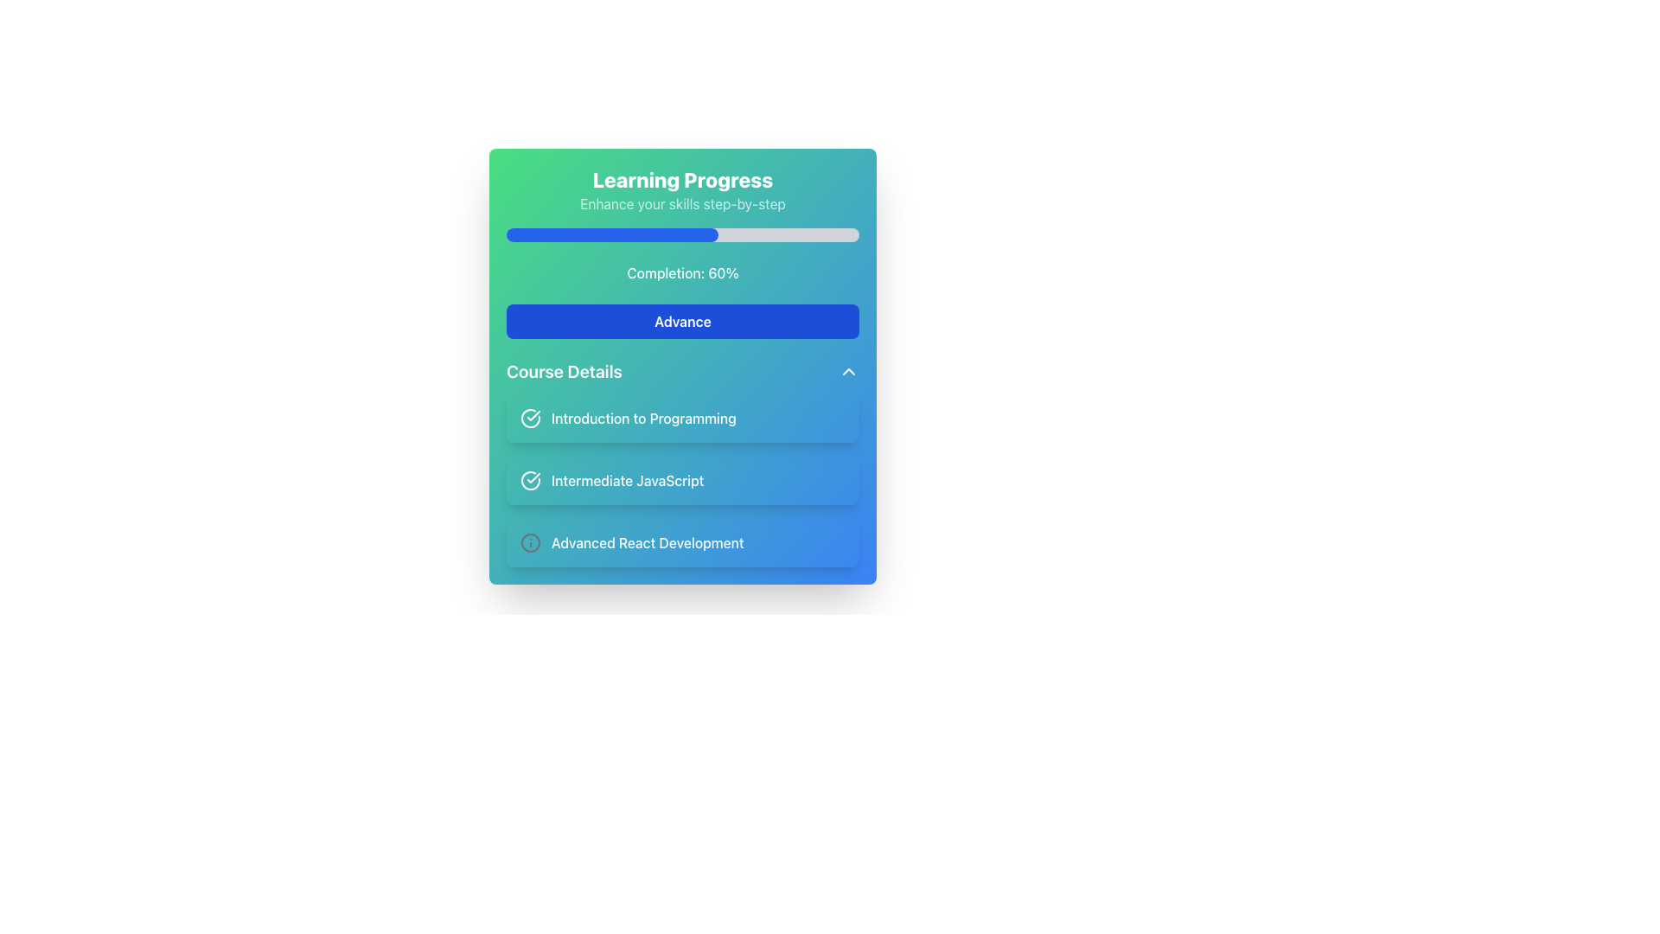 This screenshot has width=1660, height=934. I want to click on visual and textual content of the text box containing 'Advanced React Development' with a circular information icon on the left, located in the lower region of the course cards, so click(682, 542).